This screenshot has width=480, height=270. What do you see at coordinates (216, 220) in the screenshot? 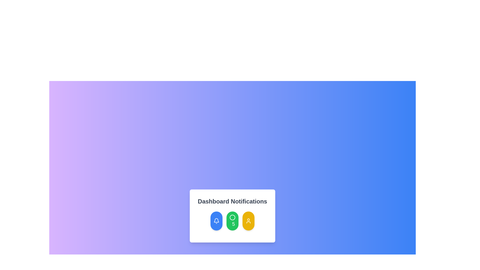
I see `the white bell icon element located inside the blue circular button at the bottom of the 'Dashboard Notifications' card` at bounding box center [216, 220].